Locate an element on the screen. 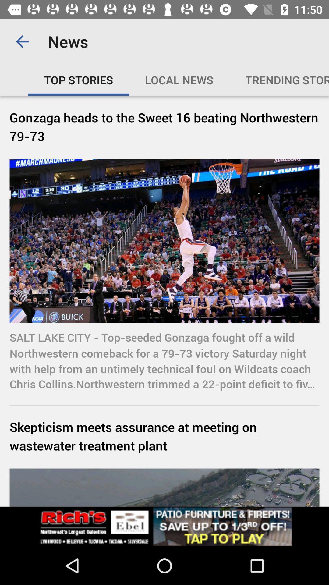 This screenshot has height=585, width=329. advertisement is located at coordinates (164, 526).